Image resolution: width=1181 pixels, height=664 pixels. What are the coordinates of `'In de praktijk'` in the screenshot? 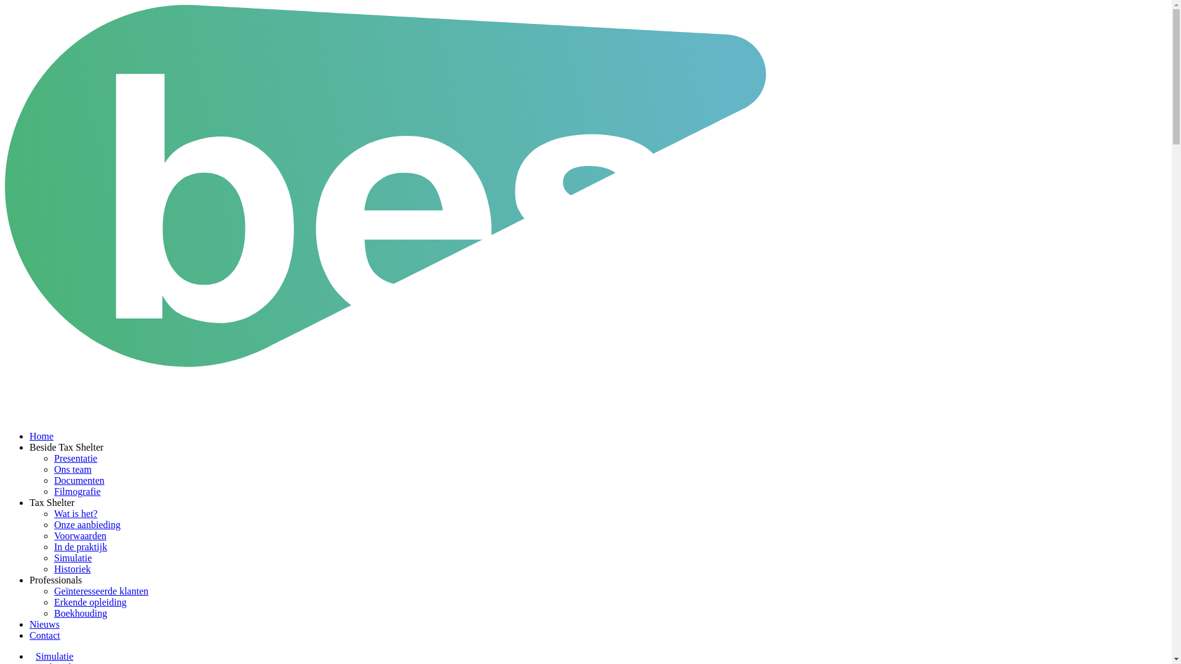 It's located at (79, 546).